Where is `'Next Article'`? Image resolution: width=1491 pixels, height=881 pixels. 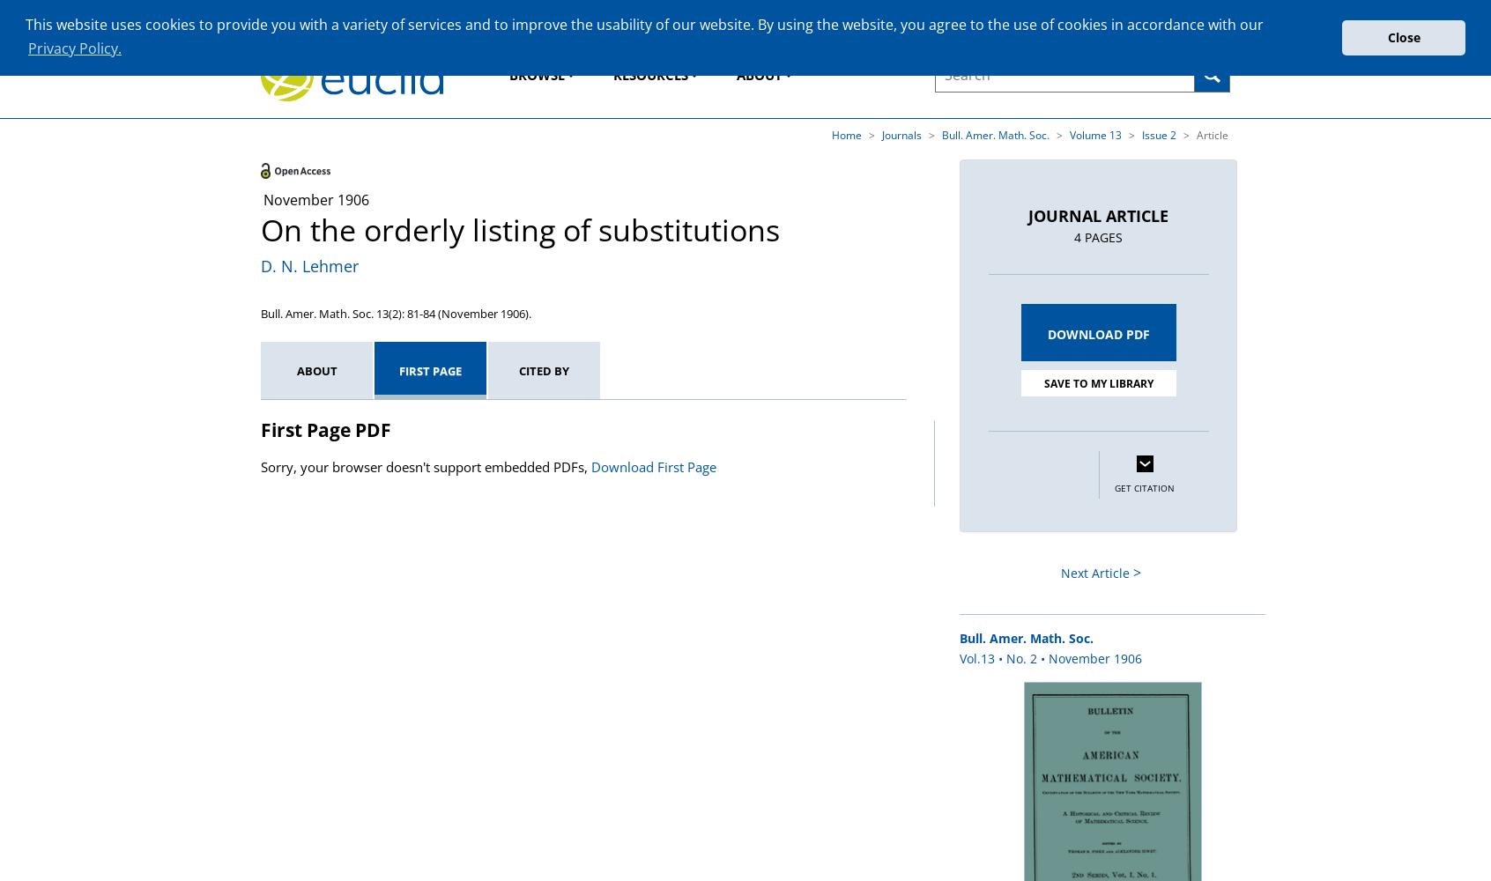 'Next Article' is located at coordinates (1094, 573).